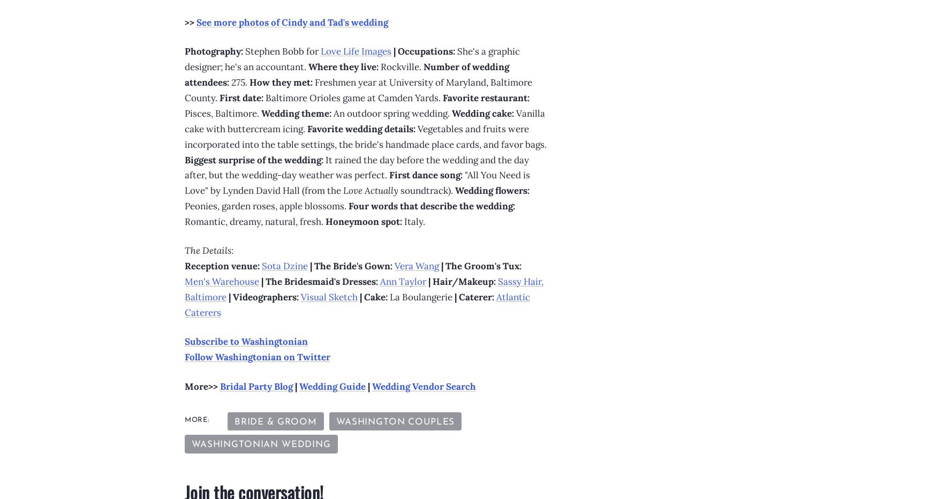 The height and width of the screenshot is (499, 937). I want to click on 'Bride & Groom', so click(233, 422).